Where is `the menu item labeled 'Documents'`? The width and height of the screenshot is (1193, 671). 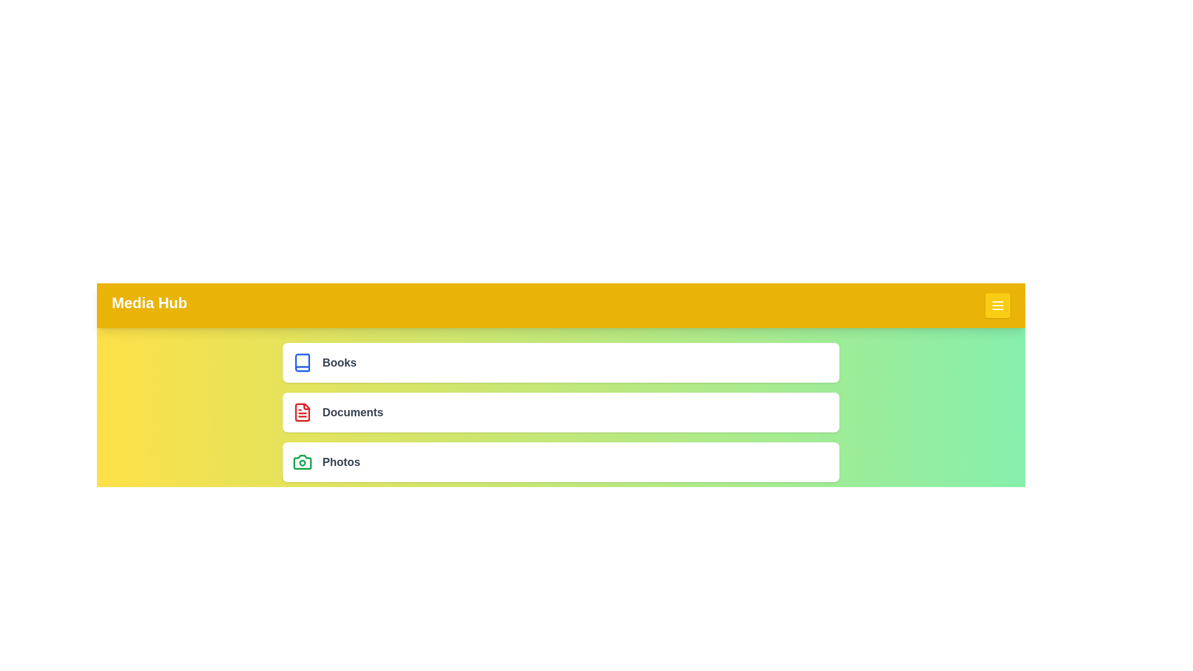
the menu item labeled 'Documents' is located at coordinates (560, 412).